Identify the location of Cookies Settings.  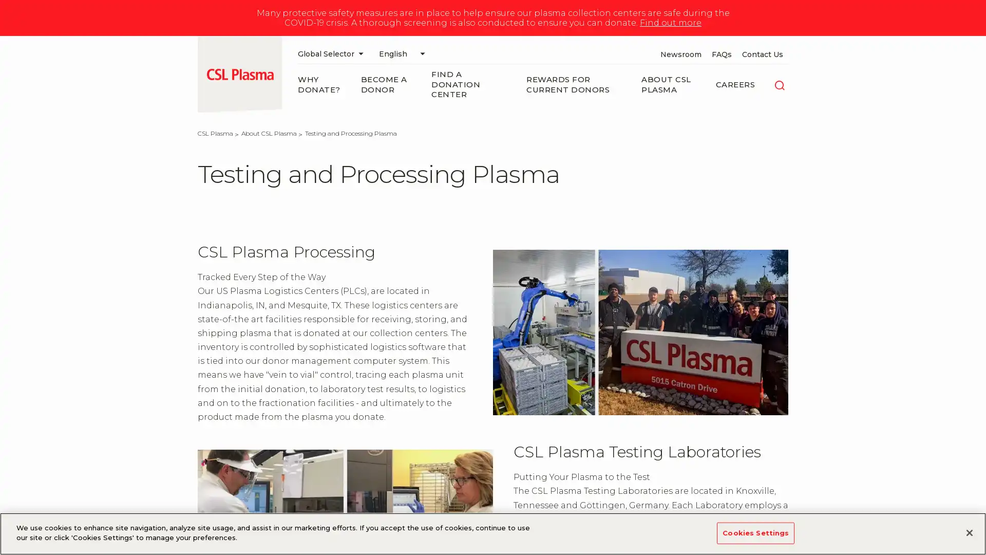
(755, 532).